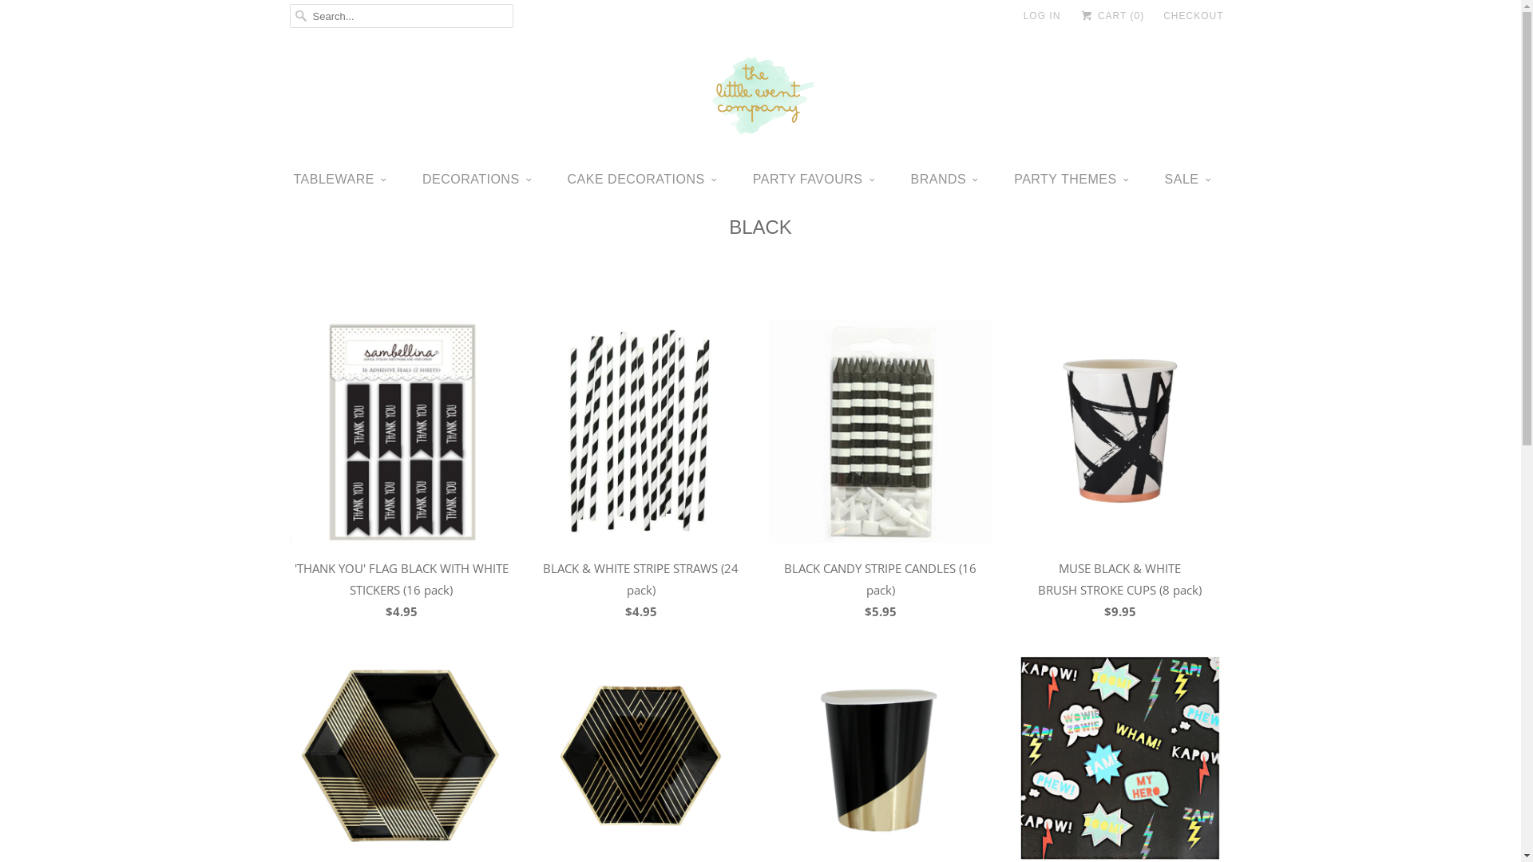  What do you see at coordinates (1111, 15) in the screenshot?
I see `'CART (0)'` at bounding box center [1111, 15].